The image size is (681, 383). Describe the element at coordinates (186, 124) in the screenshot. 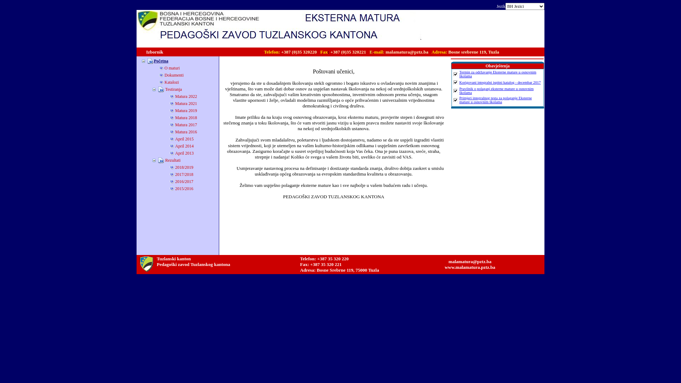

I see `'Matura 2017'` at that location.